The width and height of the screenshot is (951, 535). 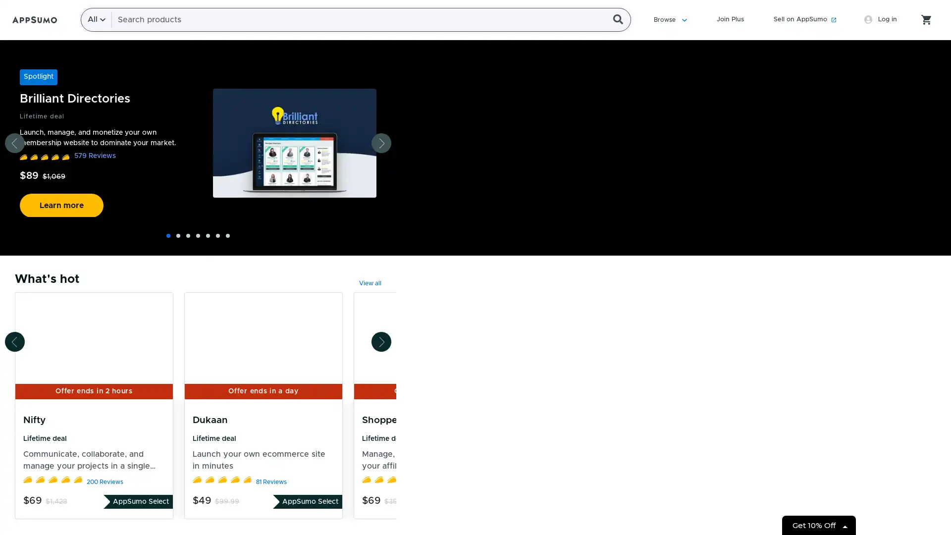 What do you see at coordinates (478, 240) in the screenshot?
I see `UNLOCK MY 10%` at bounding box center [478, 240].